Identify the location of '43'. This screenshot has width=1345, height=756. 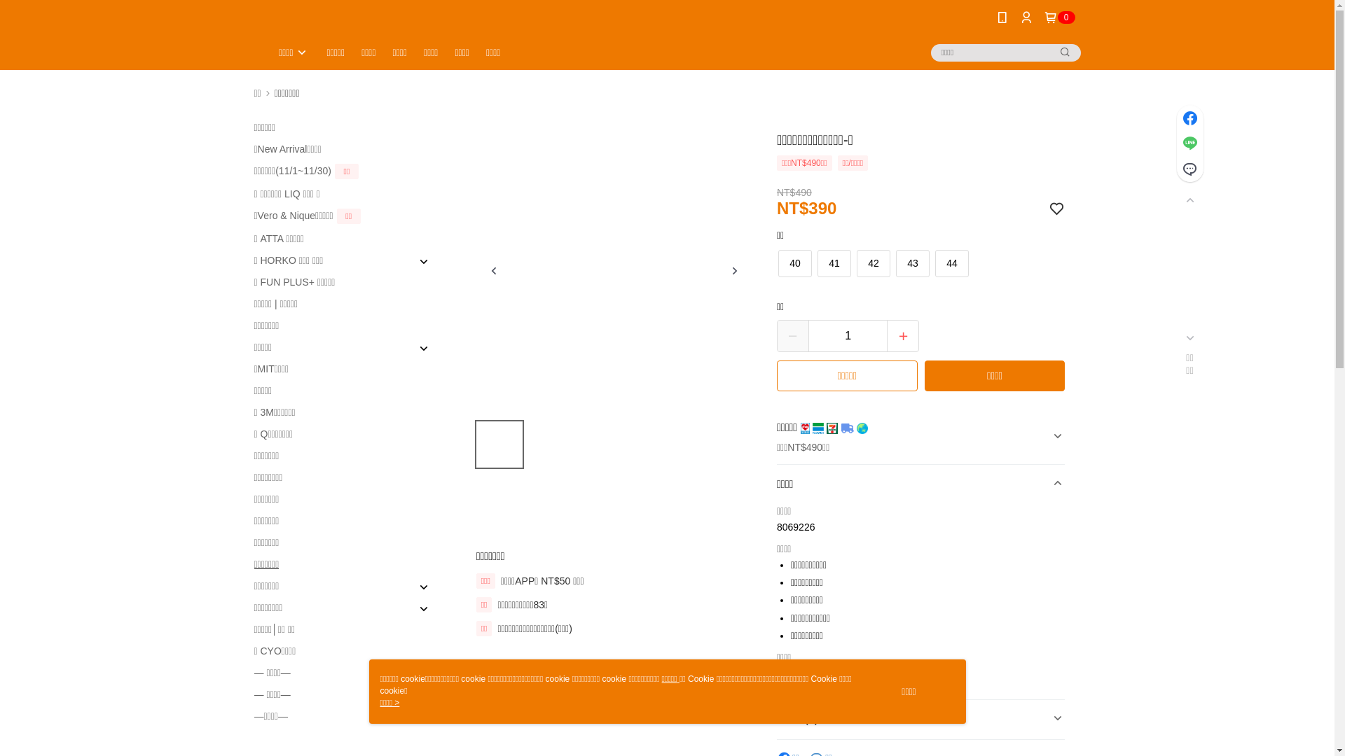
(897, 263).